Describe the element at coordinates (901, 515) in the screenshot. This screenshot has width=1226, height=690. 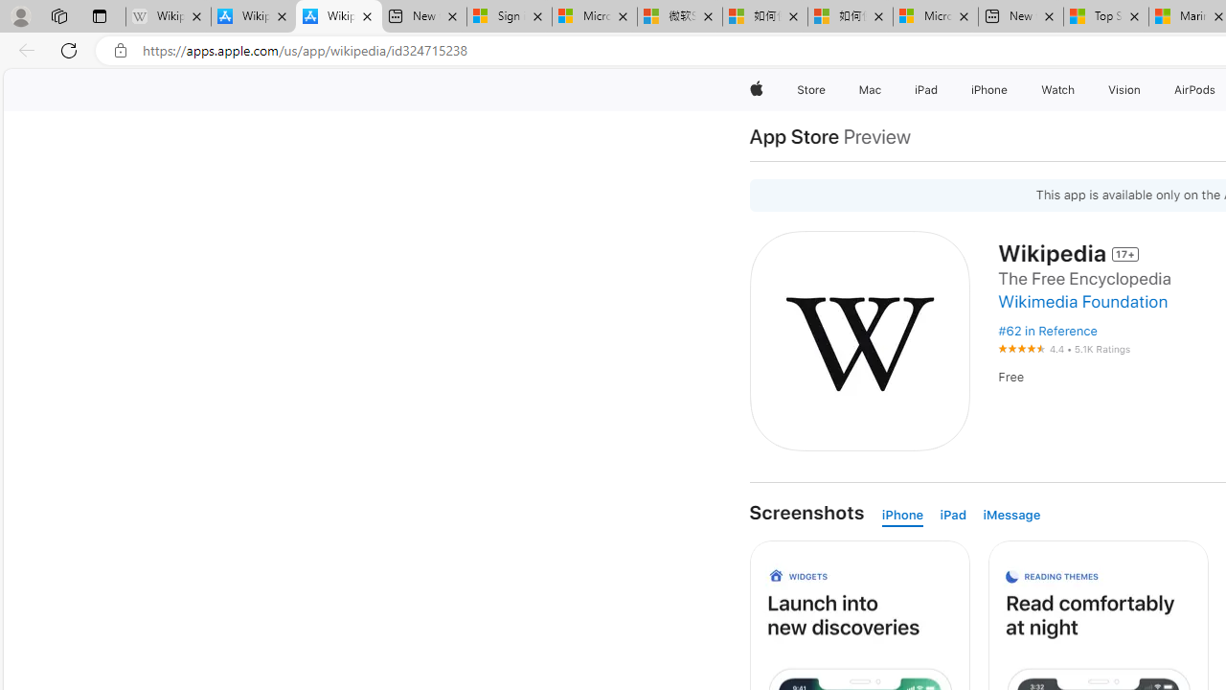
I see `'iPhone'` at that location.